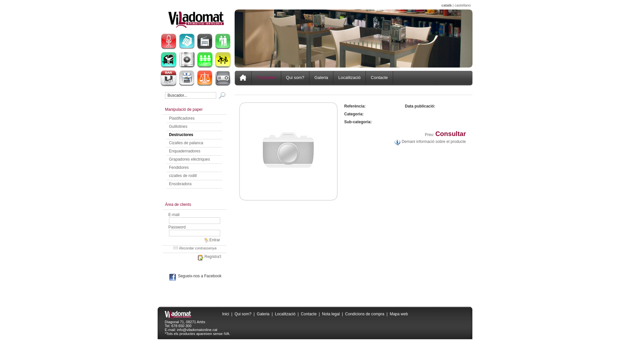  Describe the element at coordinates (180, 184) in the screenshot. I see `'Ensobradora'` at that location.